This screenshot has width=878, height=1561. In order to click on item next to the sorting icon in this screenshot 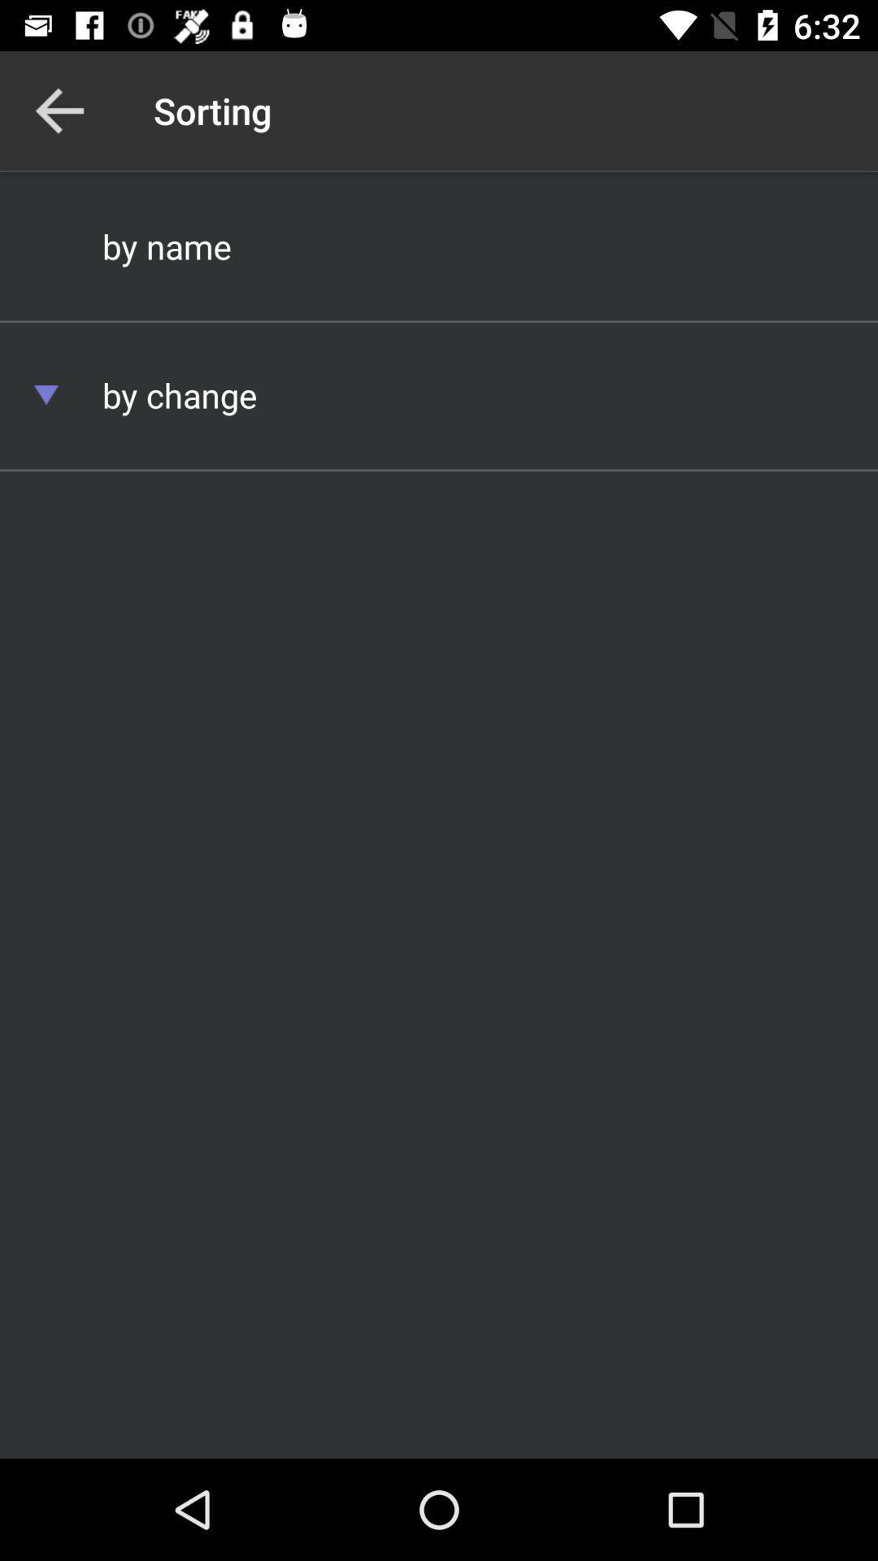, I will do `click(59, 110)`.